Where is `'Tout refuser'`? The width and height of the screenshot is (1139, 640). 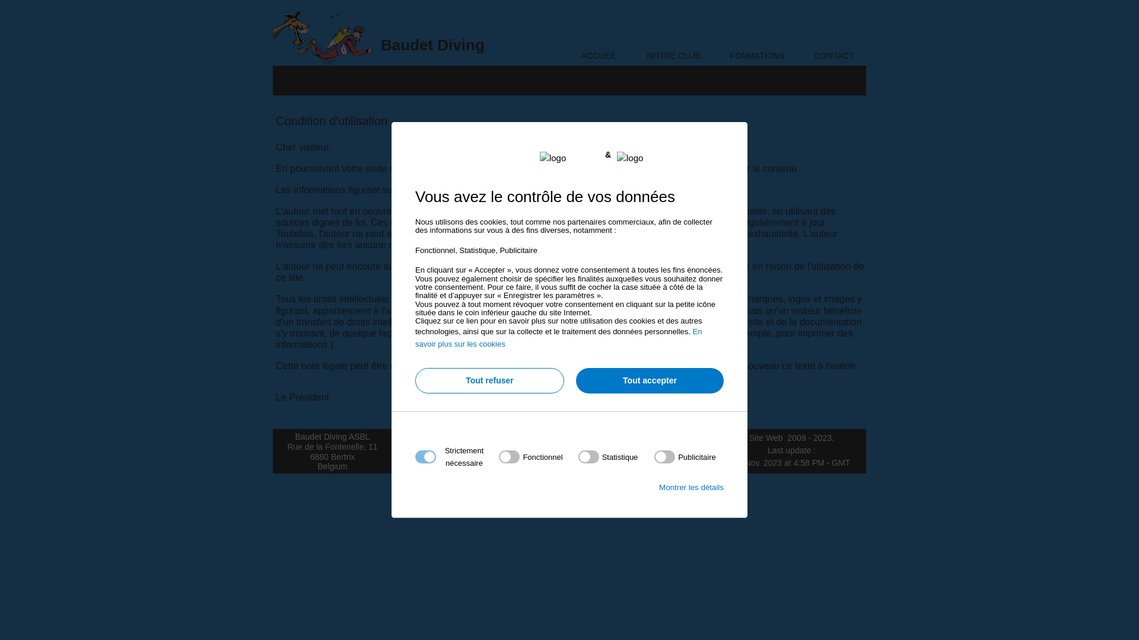
'Tout refuser' is located at coordinates (489, 380).